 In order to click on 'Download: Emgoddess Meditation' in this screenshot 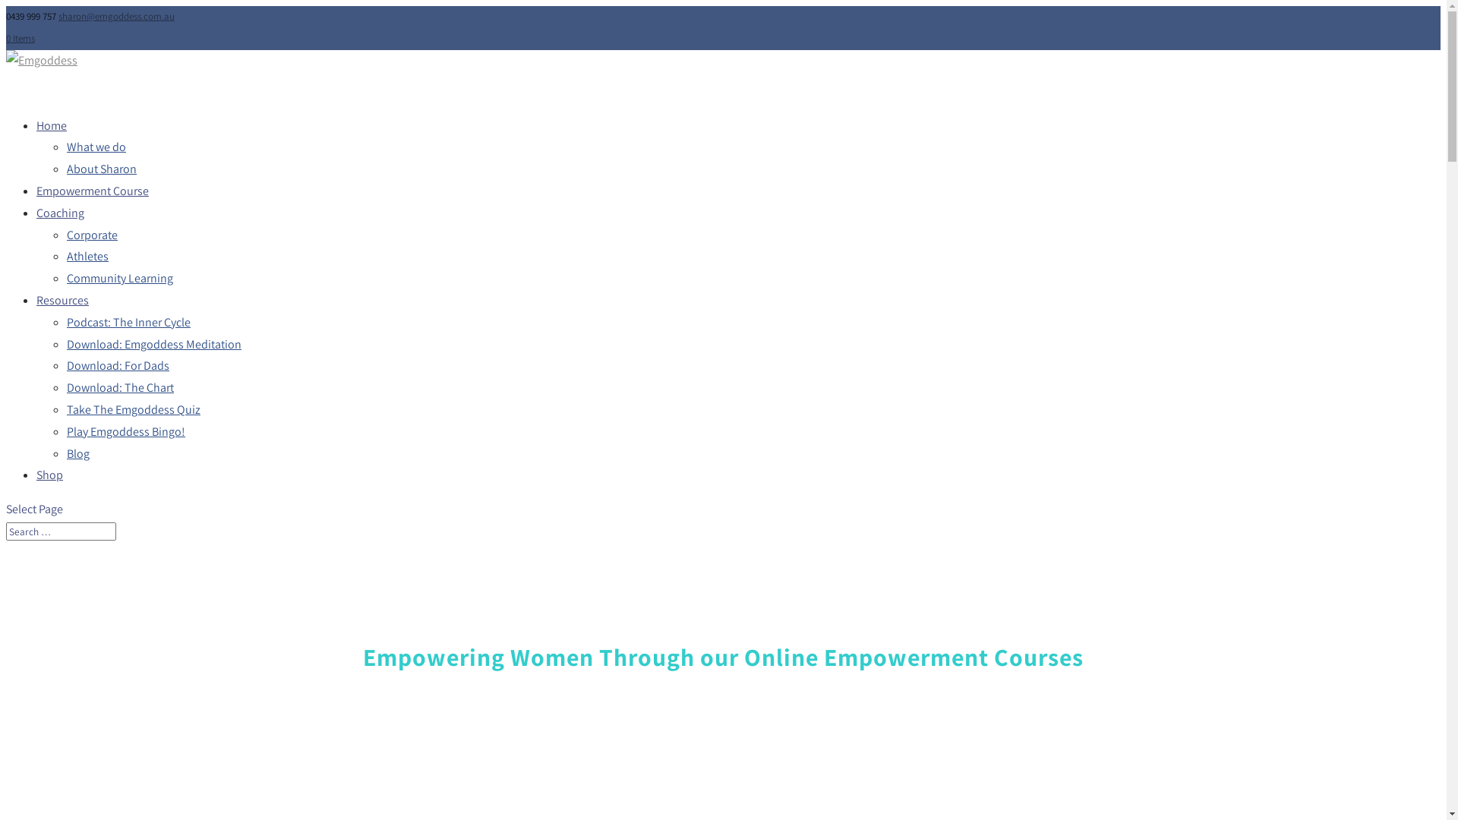, I will do `click(65, 344)`.